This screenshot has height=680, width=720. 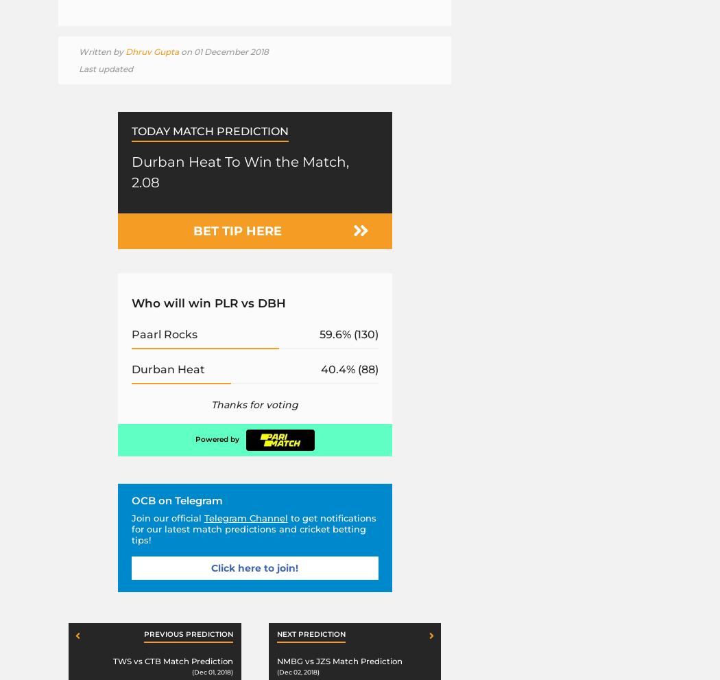 I want to click on 'NMBG vs JZS Match Prediction', so click(x=338, y=660).